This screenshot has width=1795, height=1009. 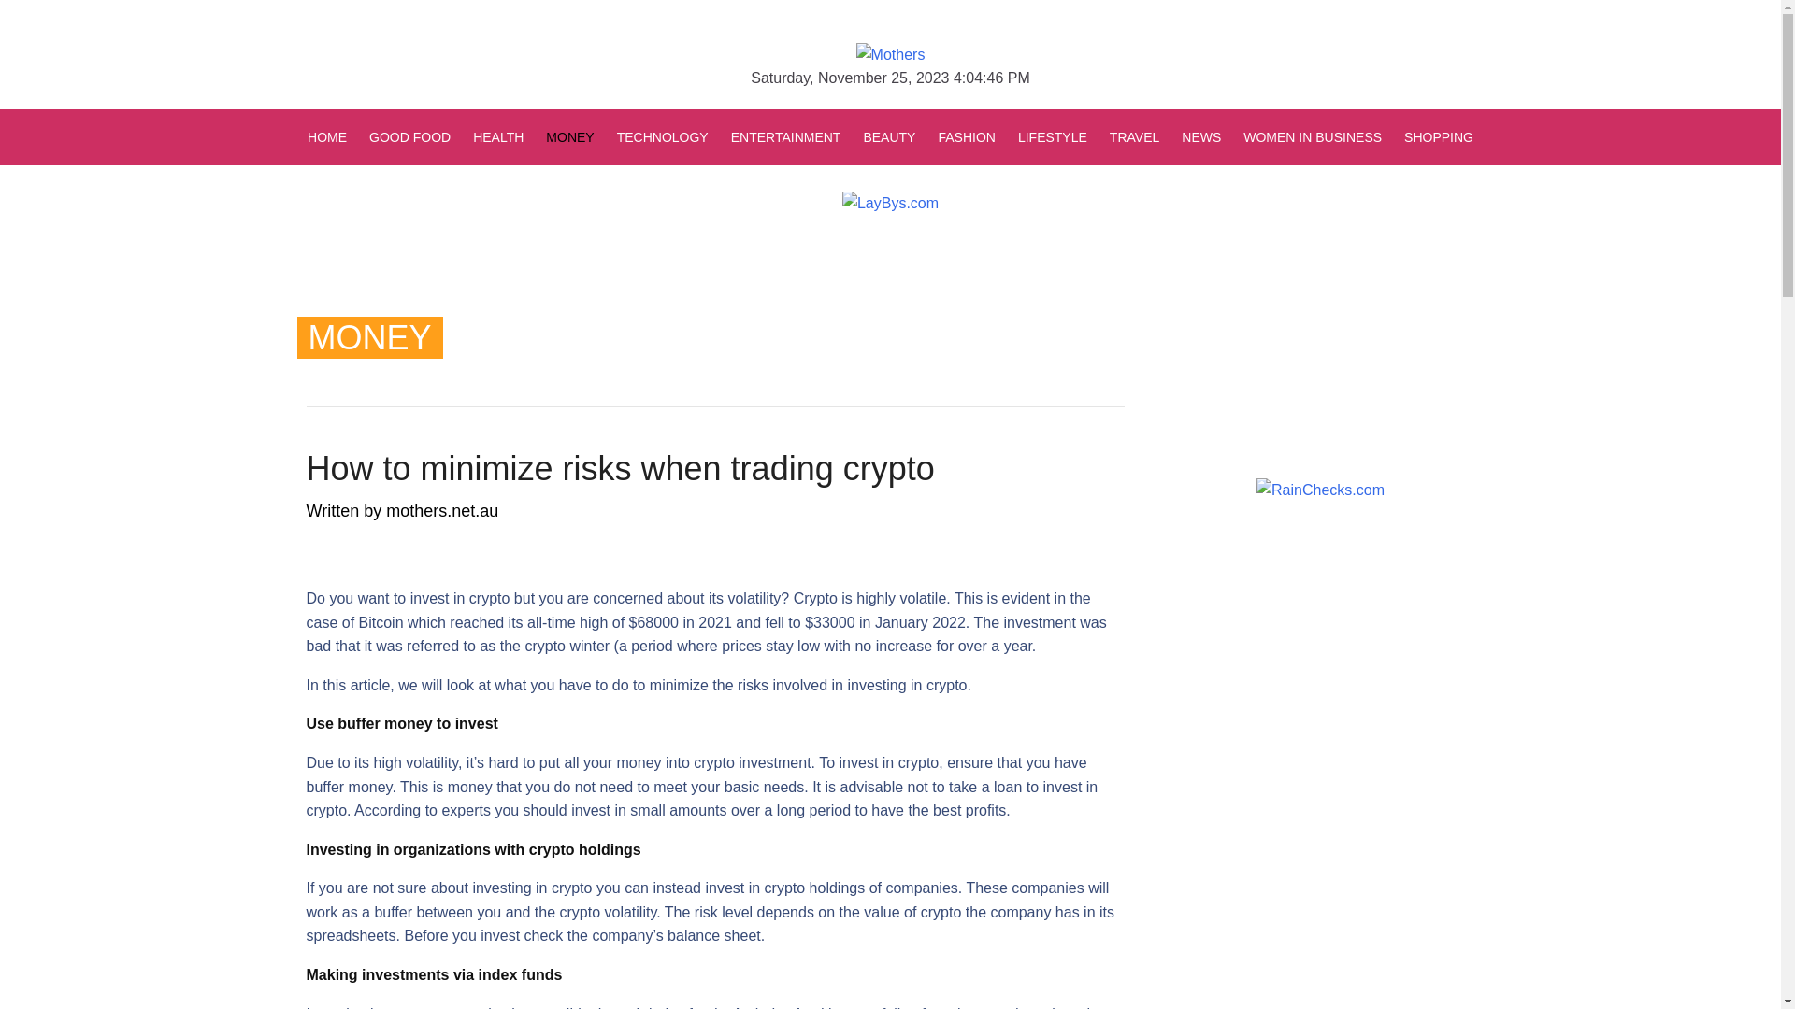 What do you see at coordinates (966, 135) in the screenshot?
I see `'FASHION'` at bounding box center [966, 135].